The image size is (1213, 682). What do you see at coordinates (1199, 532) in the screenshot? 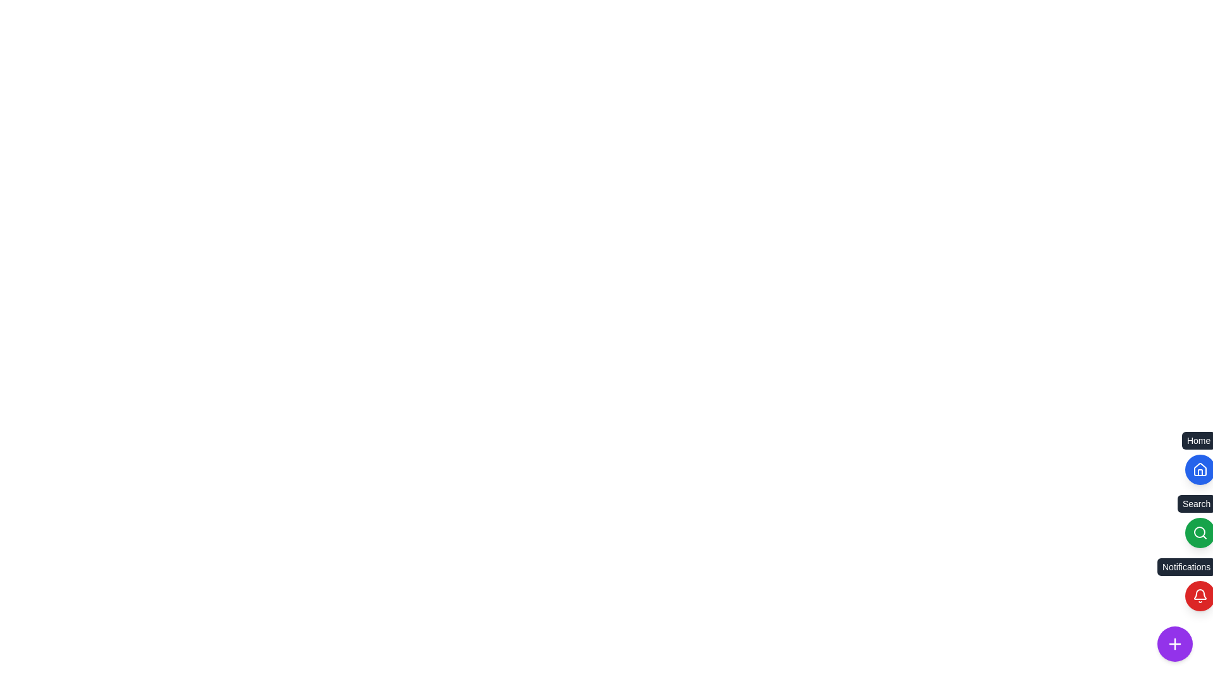
I see `the inner circular component of the green-filled search icon located on the right side, second from the top in the vertical arrangement of functional icons` at bounding box center [1199, 532].